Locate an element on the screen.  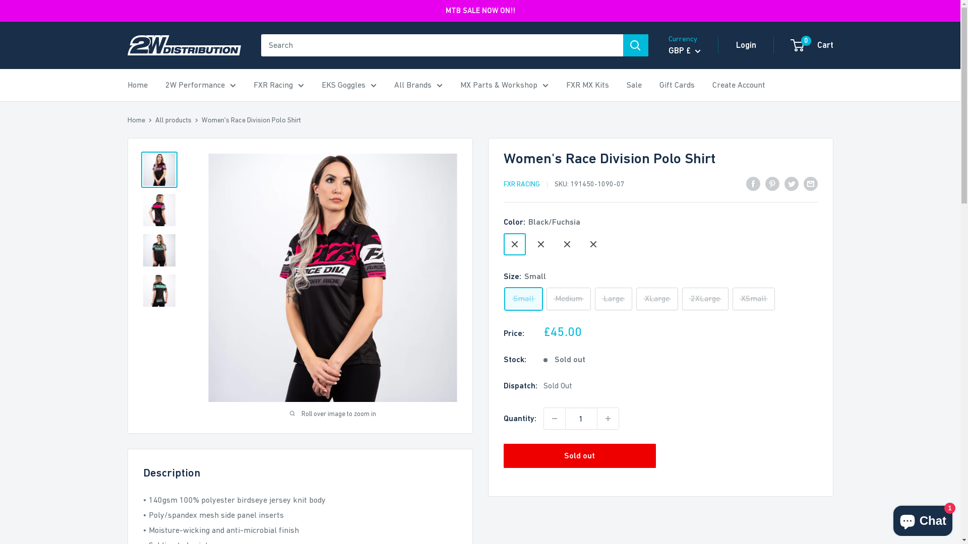
'FXR RACING' is located at coordinates (521, 184).